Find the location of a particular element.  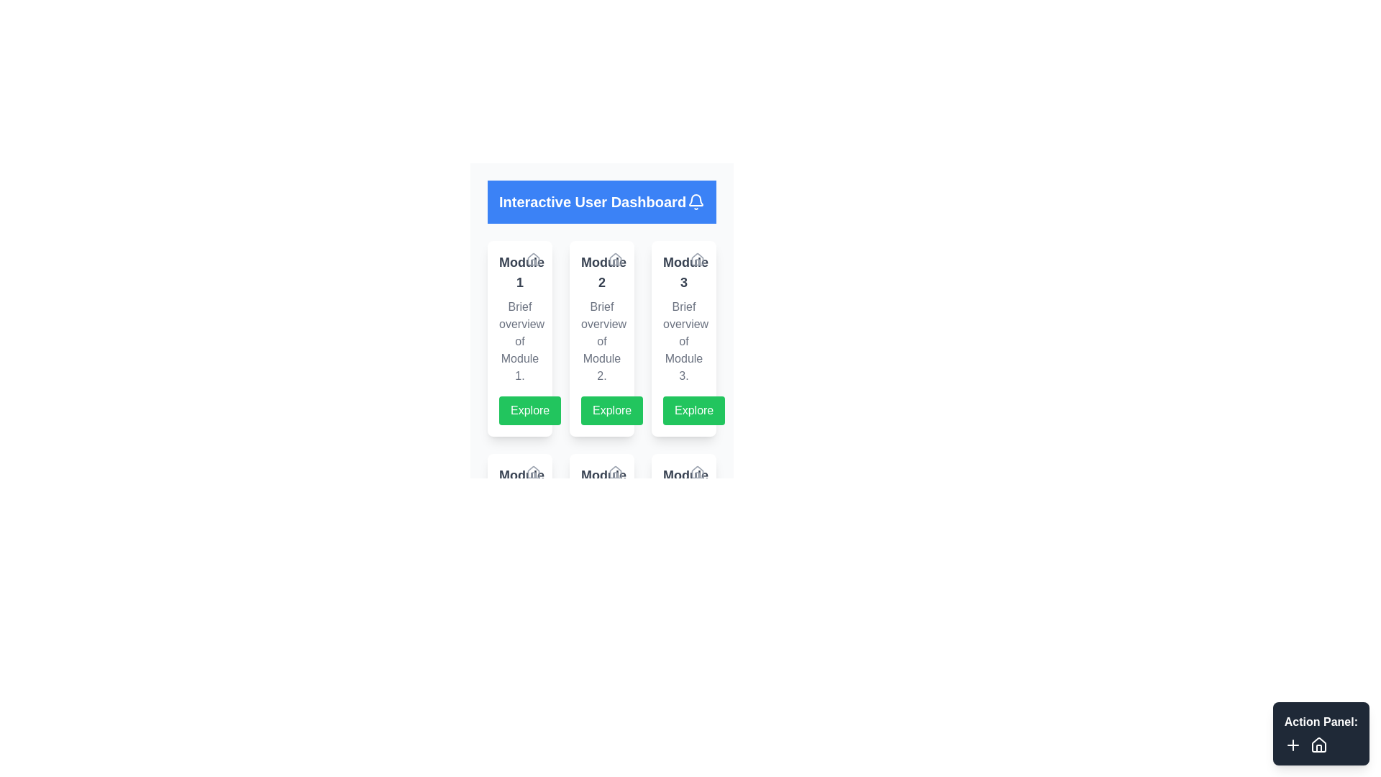

the home-shaped icon located in the top-right corner of the card for 'Module 3' is located at coordinates (697, 260).